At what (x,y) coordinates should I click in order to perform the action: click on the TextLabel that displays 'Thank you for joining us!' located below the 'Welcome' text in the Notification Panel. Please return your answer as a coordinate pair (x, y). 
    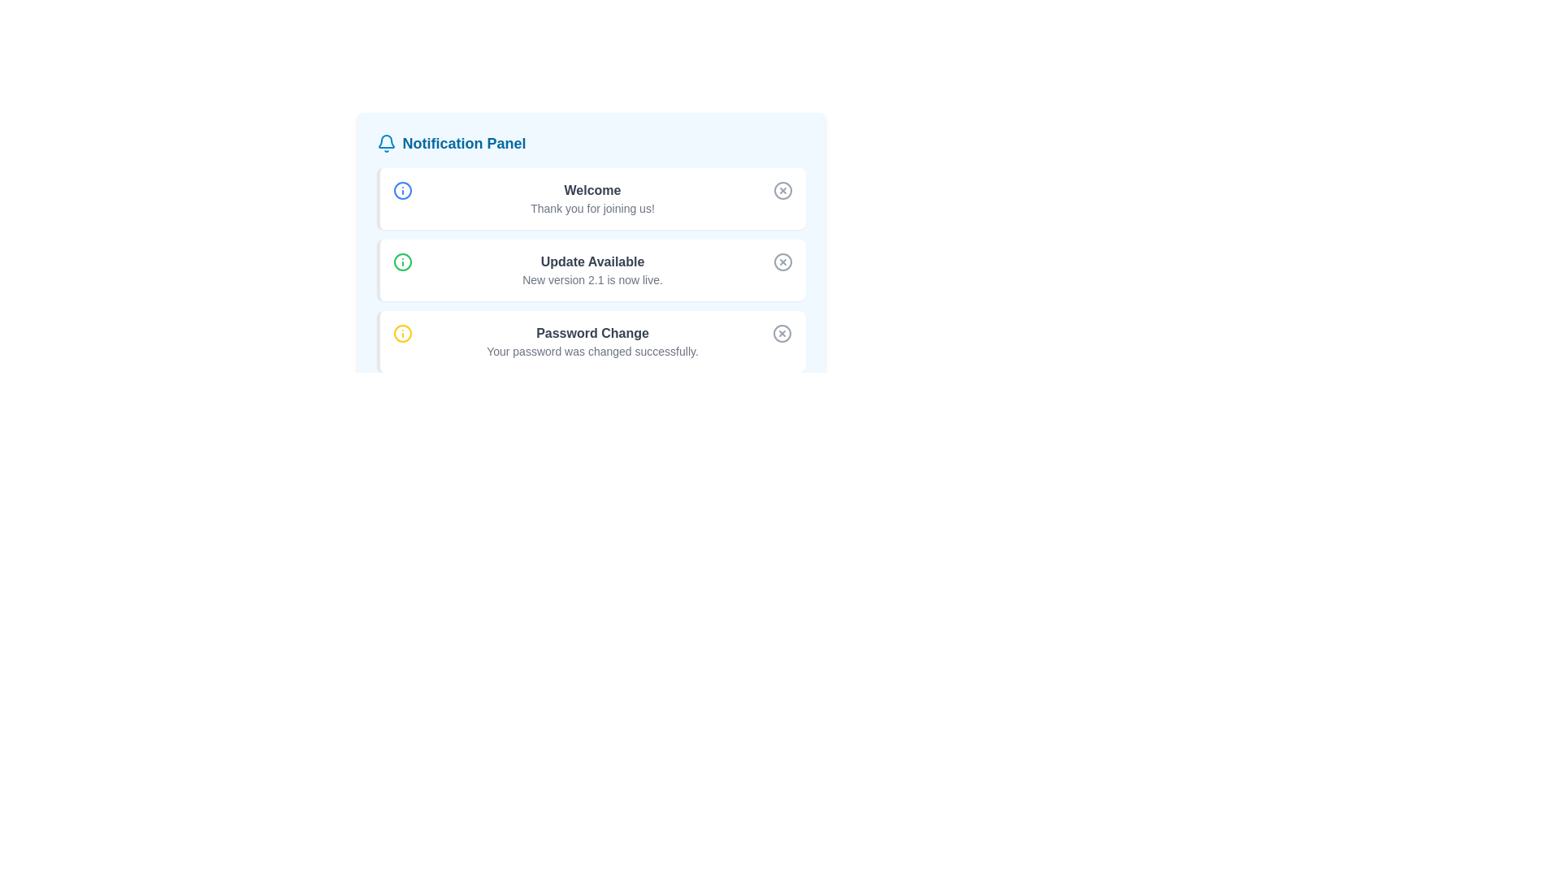
    Looking at the image, I should click on (591, 208).